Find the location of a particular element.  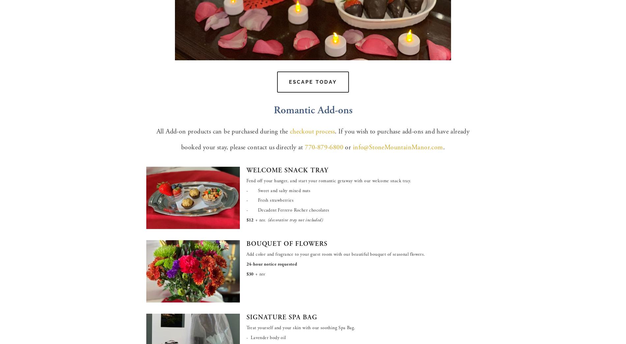

'Bouquet of Flowers' is located at coordinates (286, 244).